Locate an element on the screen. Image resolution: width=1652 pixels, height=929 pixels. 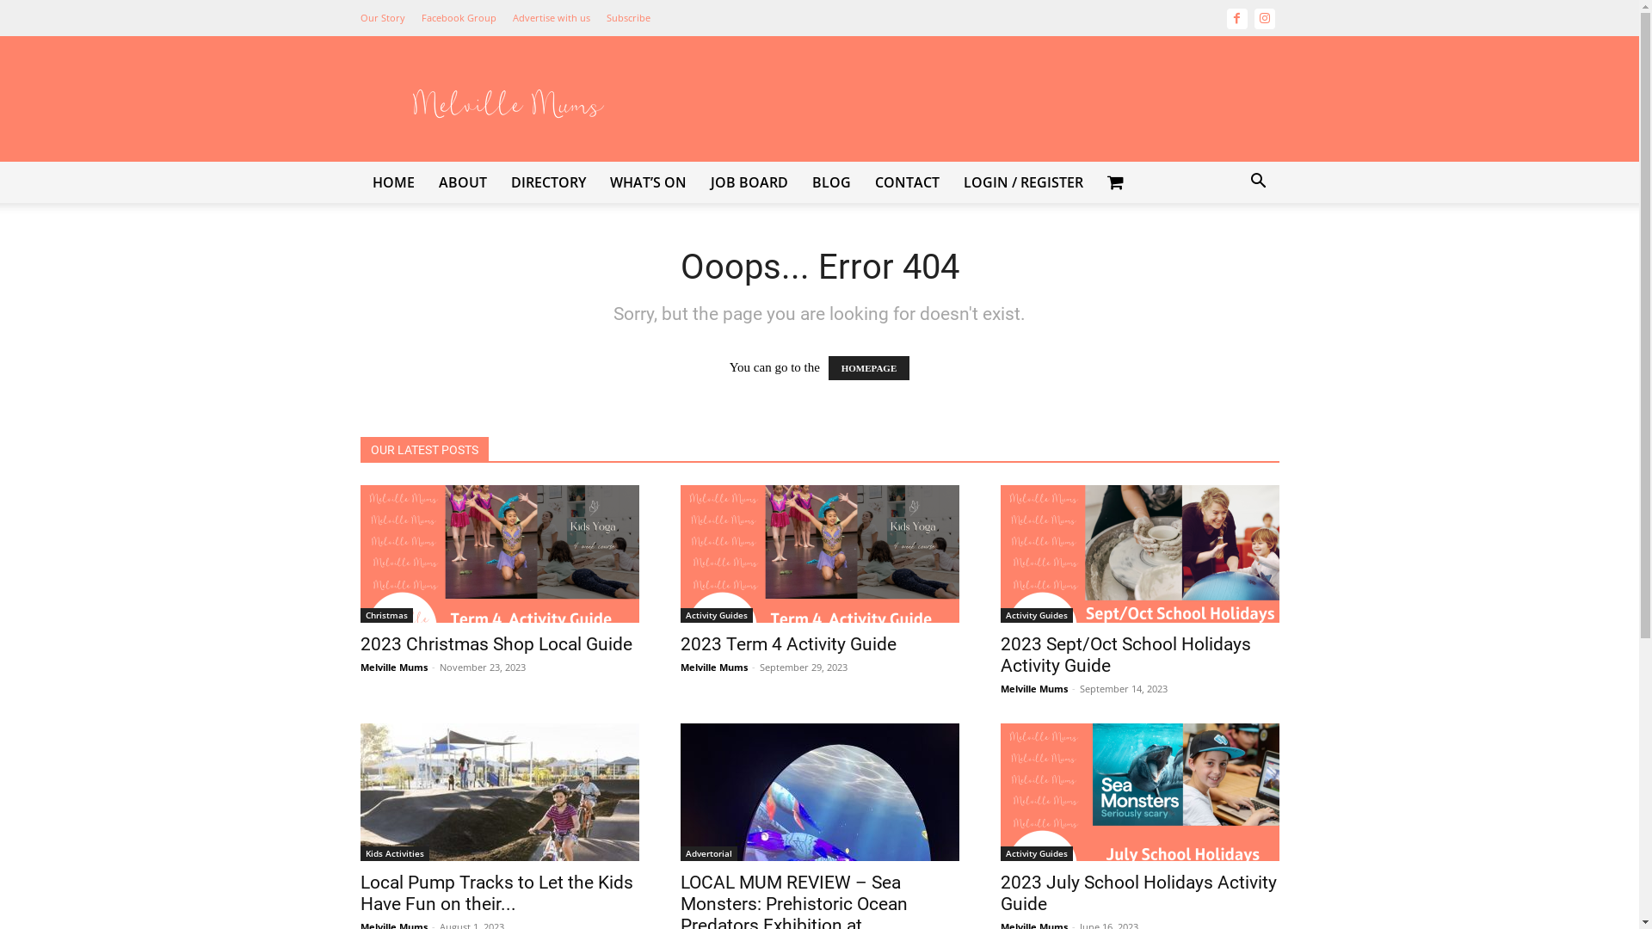
'HOMEPAGE' is located at coordinates (869, 367).